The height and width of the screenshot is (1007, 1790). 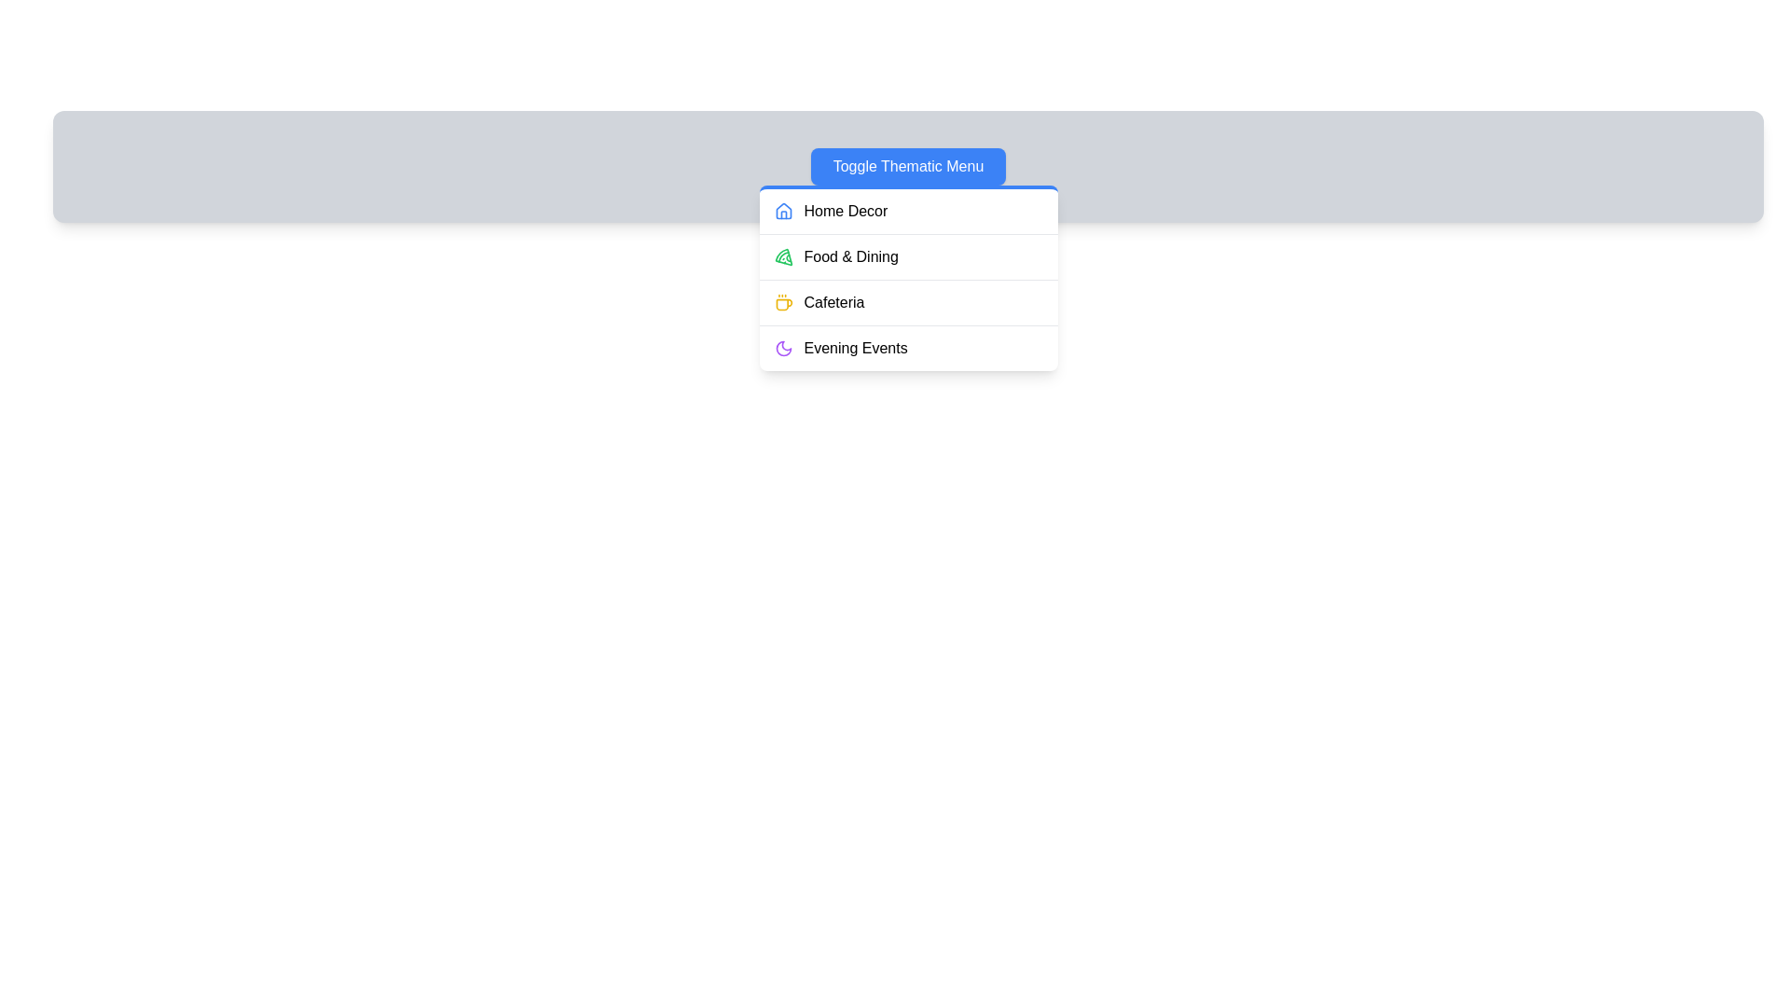 I want to click on the menu item Home Decor to observe its visual feedback, so click(x=908, y=211).